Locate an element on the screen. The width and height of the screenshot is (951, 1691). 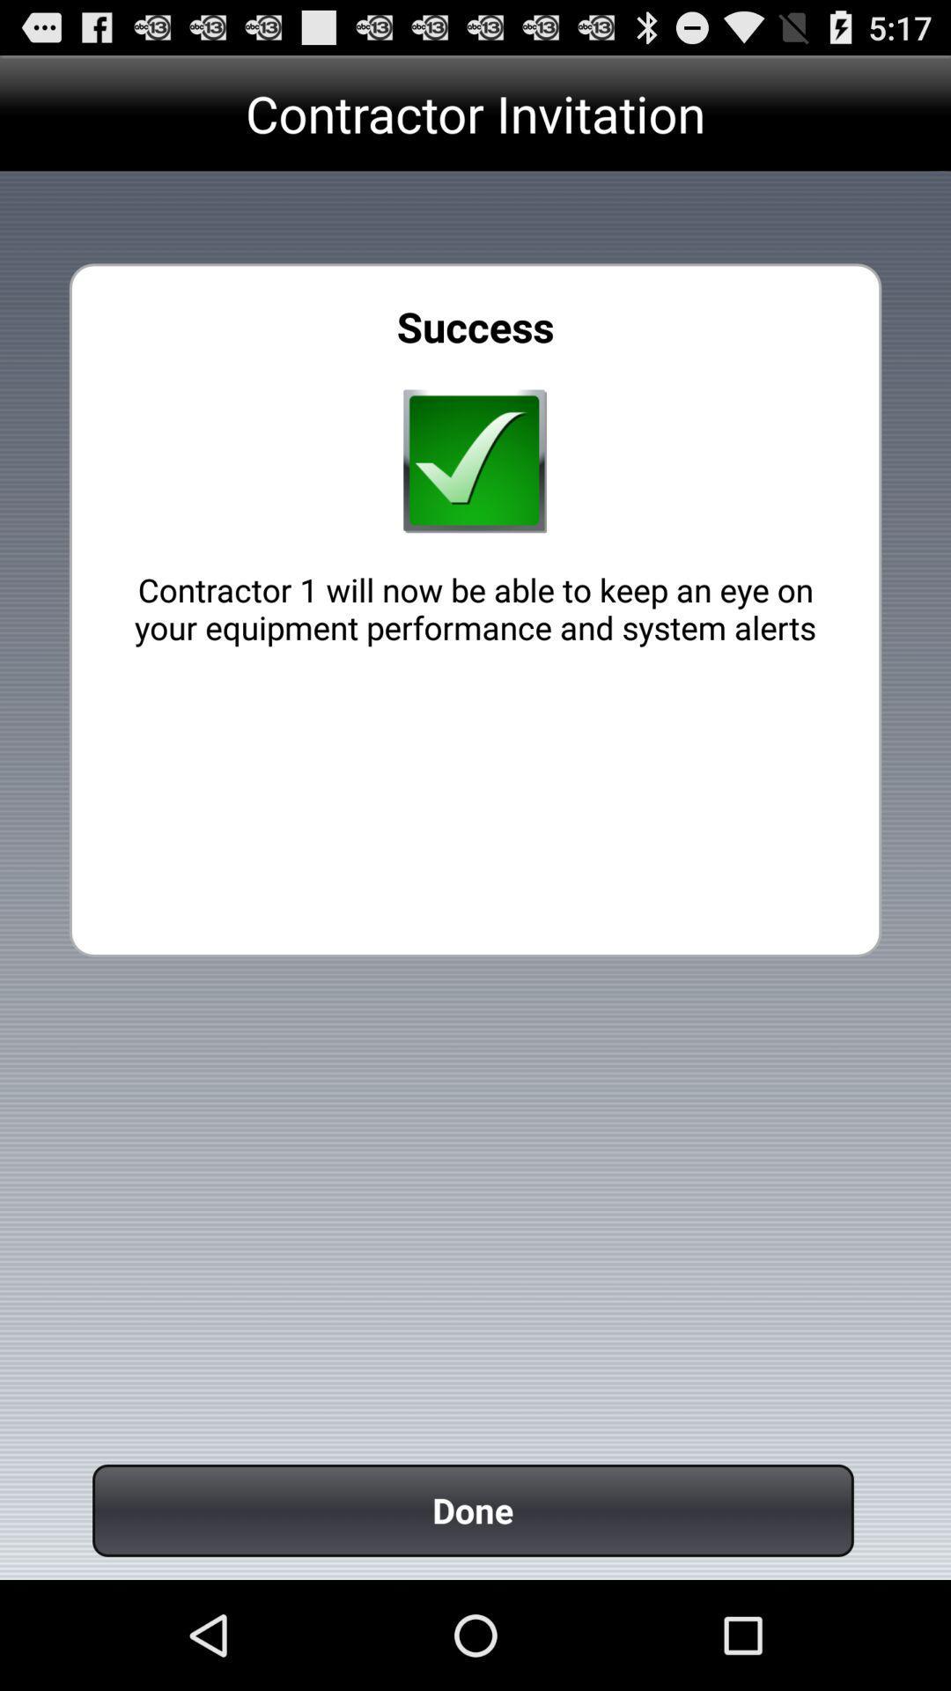
button at the bottom is located at coordinates (472, 1510).